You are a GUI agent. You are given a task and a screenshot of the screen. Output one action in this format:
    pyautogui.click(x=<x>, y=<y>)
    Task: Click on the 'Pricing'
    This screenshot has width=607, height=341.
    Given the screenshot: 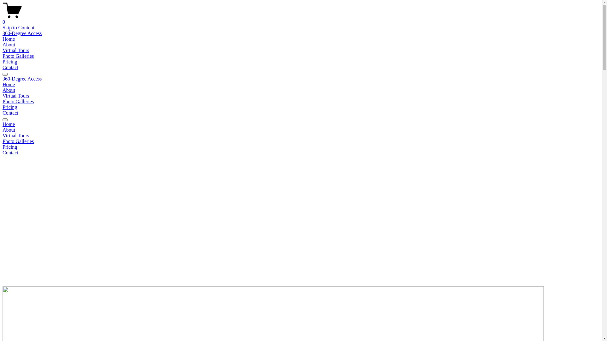 What is the action you would take?
    pyautogui.click(x=9, y=107)
    